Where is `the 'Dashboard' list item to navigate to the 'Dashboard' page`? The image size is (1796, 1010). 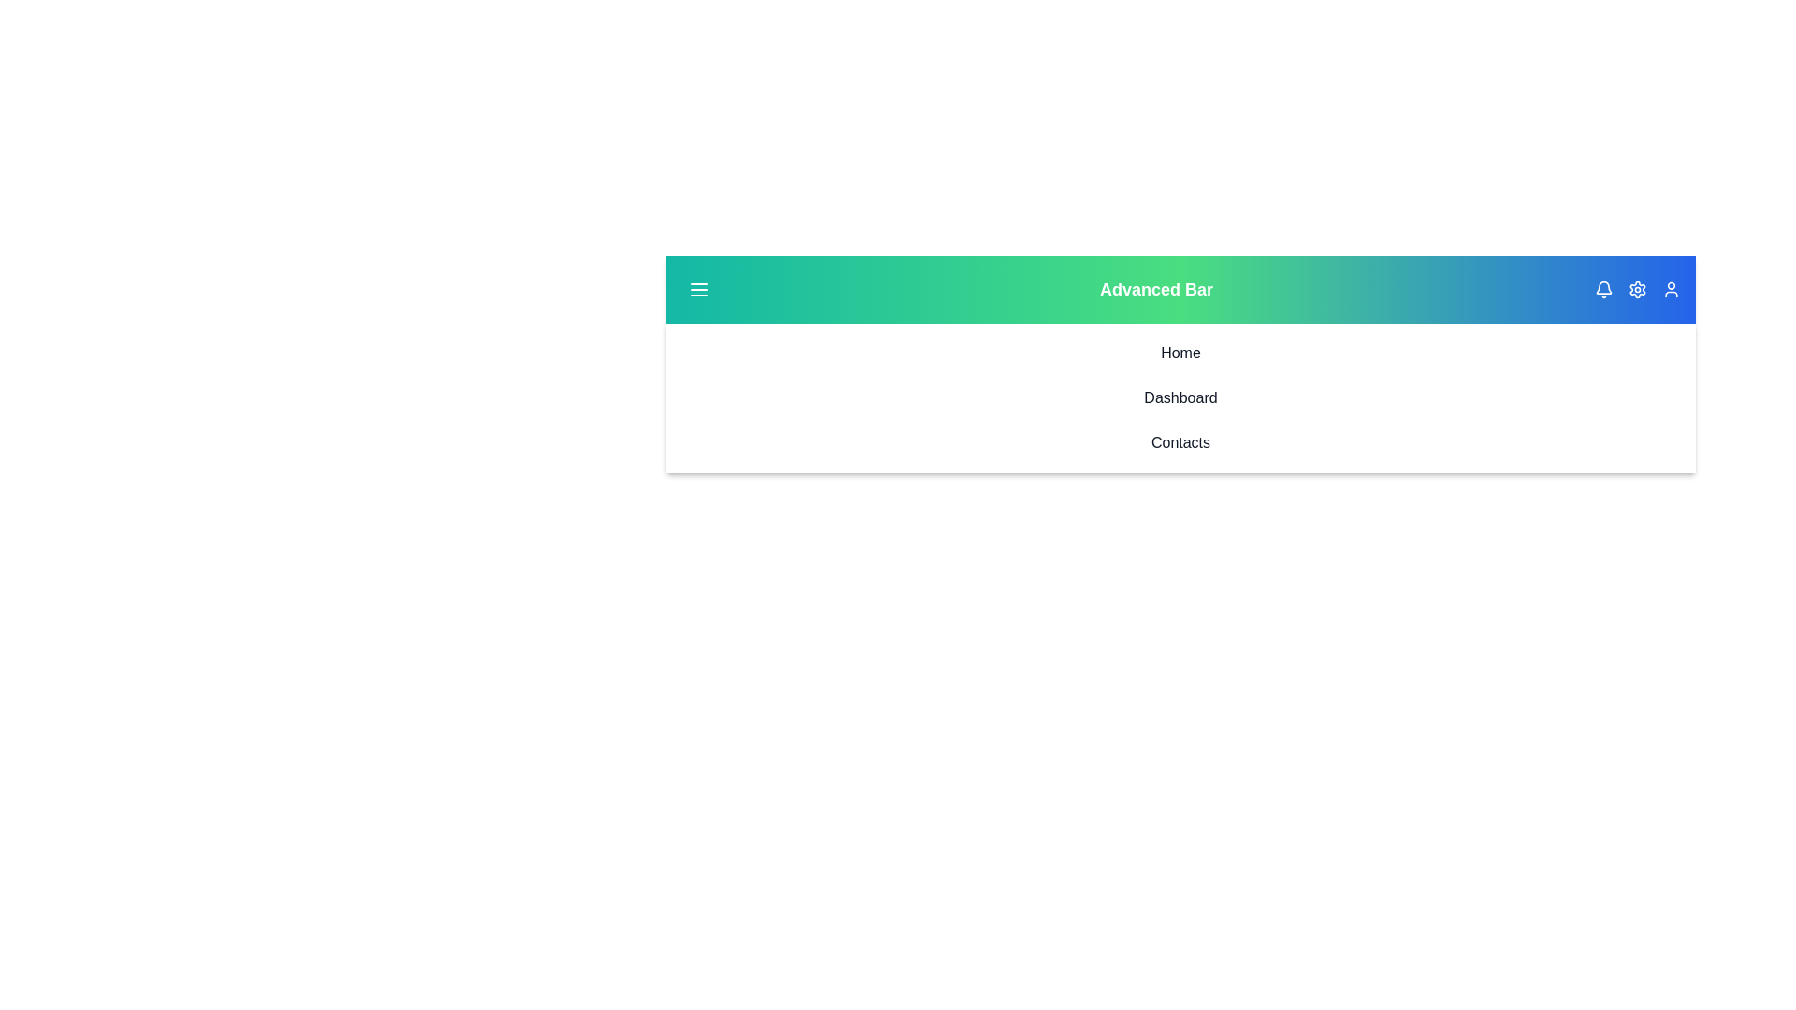 the 'Dashboard' list item to navigate to the 'Dashboard' page is located at coordinates (1180, 397).